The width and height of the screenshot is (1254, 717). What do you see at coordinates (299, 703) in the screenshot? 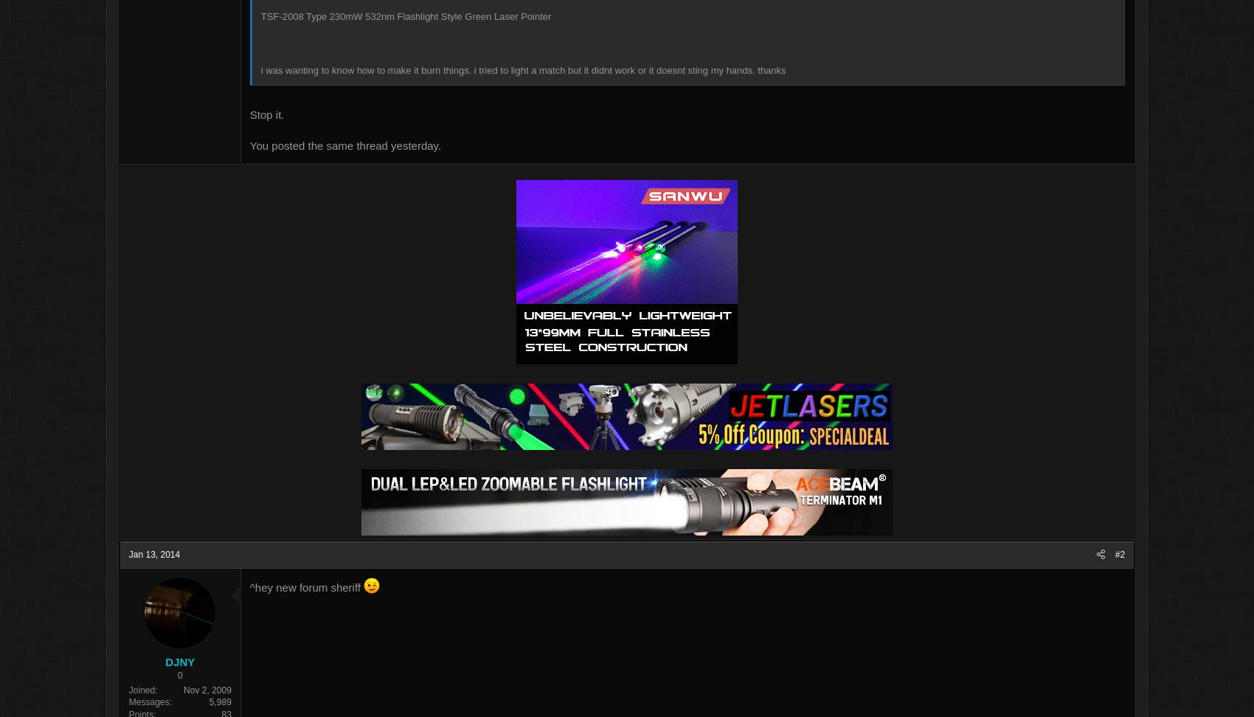
I see `'5,989'` at bounding box center [299, 703].